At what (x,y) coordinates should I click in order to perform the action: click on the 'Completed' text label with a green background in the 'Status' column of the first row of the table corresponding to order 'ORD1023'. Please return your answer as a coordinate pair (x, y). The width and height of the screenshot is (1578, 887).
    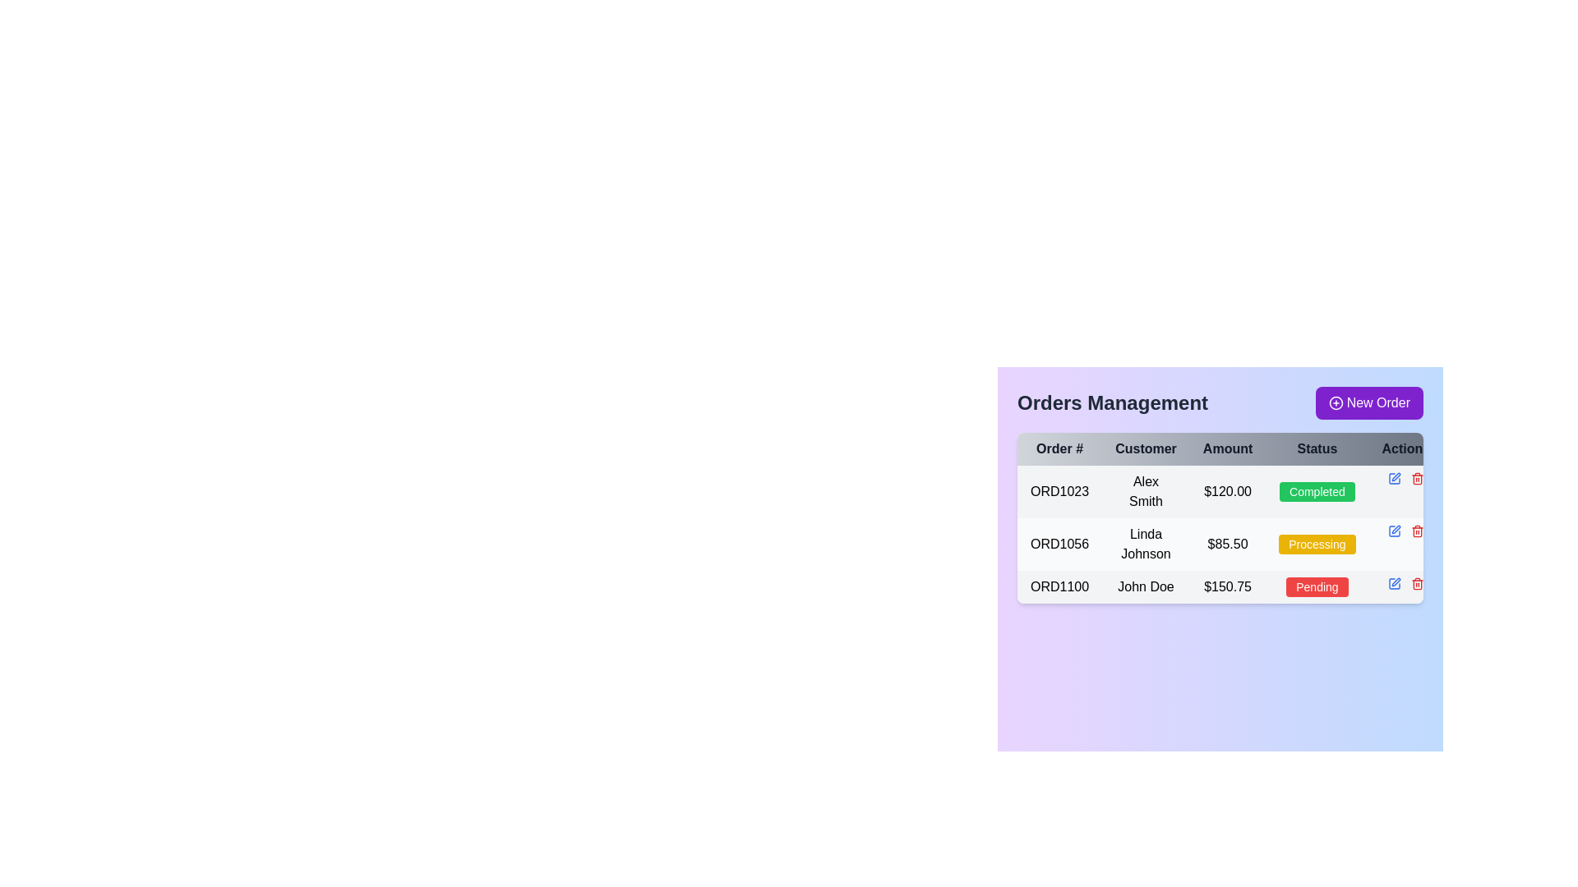
    Looking at the image, I should click on (1317, 490).